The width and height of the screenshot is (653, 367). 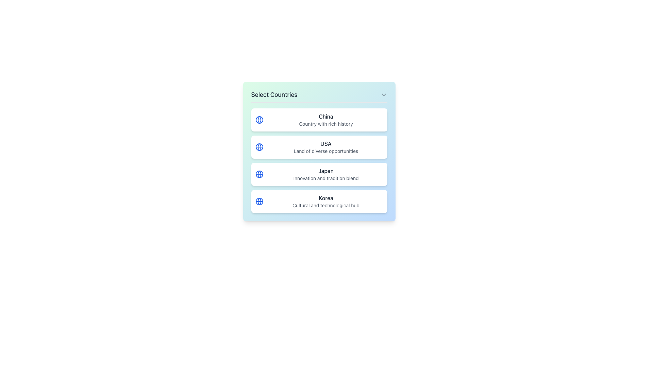 I want to click on the label displaying 'Japan', which is the third item in the country list, positioned between 'USA' and 'Korea', so click(x=325, y=170).